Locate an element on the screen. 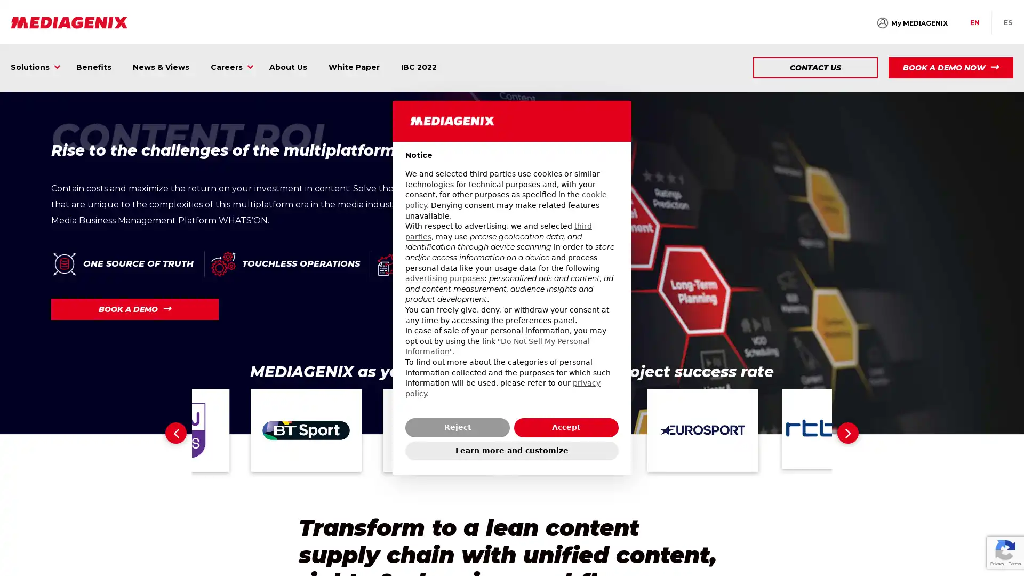 Image resolution: width=1024 pixels, height=576 pixels. Accept is located at coordinates (565, 427).